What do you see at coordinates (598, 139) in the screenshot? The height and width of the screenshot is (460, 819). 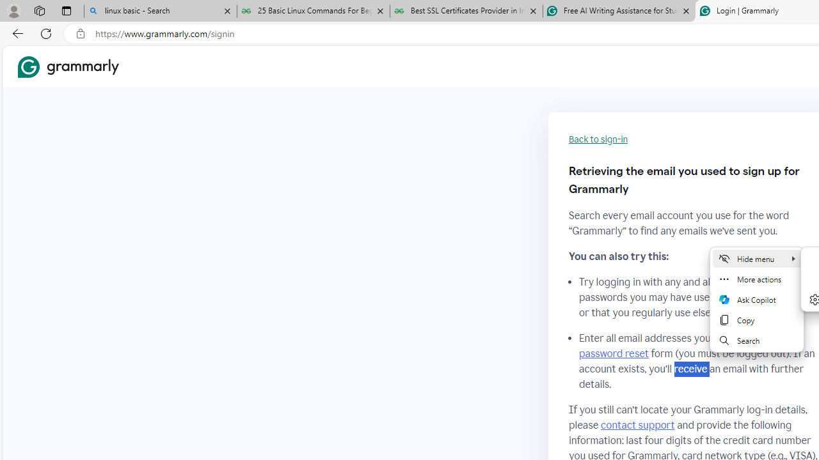 I see `'Back to sign-in'` at bounding box center [598, 139].